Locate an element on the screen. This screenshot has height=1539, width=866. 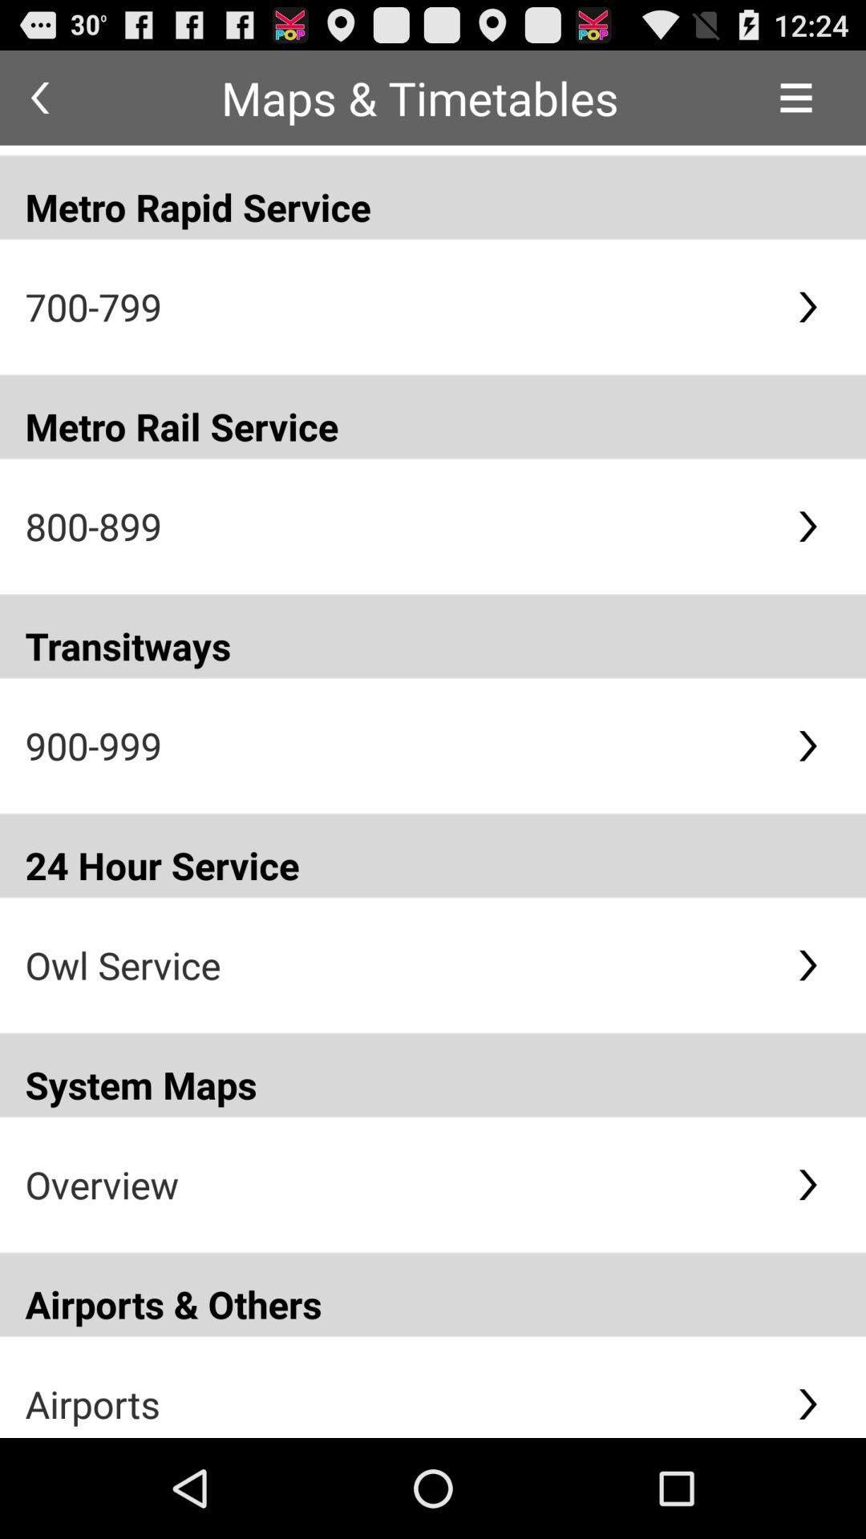
the airports & others app is located at coordinates (433, 1295).